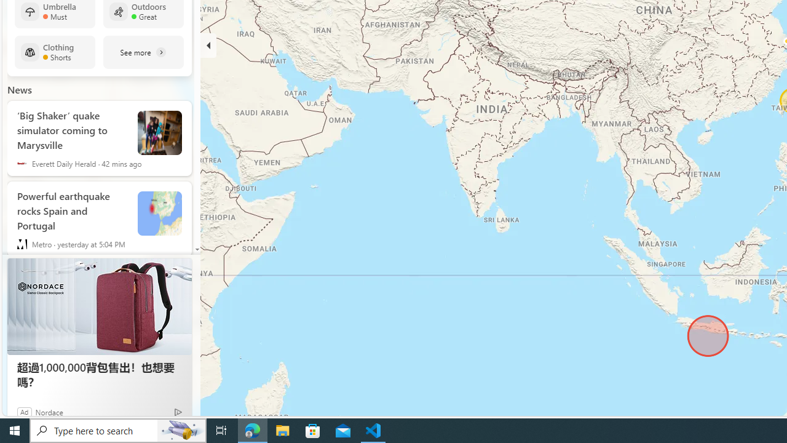  Describe the element at coordinates (22, 244) in the screenshot. I see `'Metro'` at that location.